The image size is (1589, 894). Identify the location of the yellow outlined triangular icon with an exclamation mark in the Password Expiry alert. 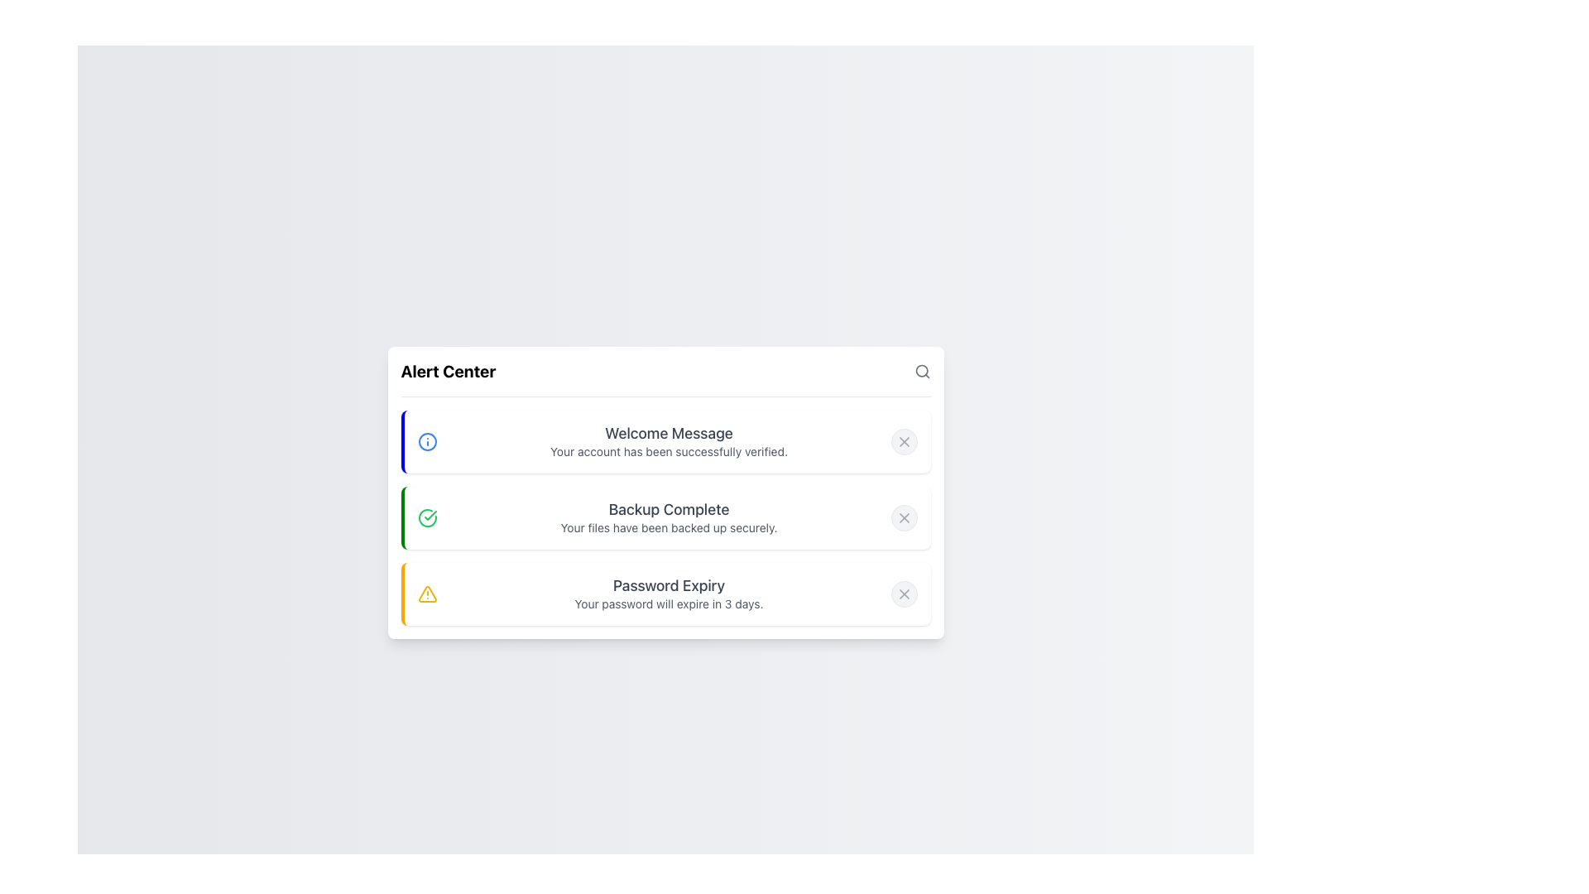
(427, 593).